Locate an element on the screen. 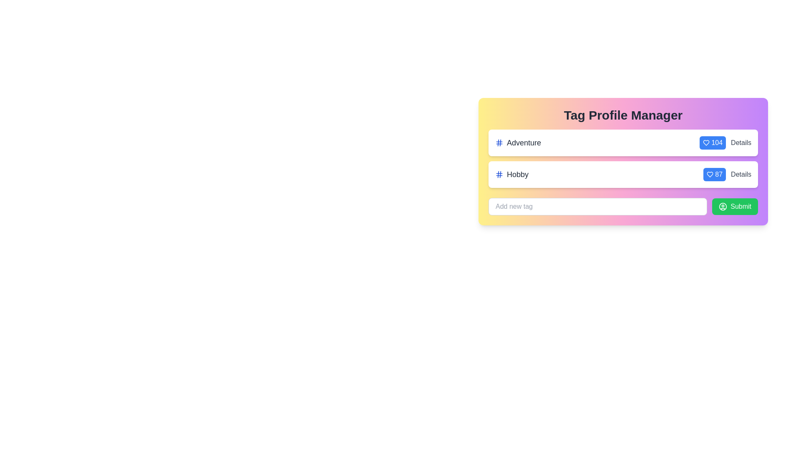  the button with a blue background, displaying '87' and a heart icon is located at coordinates (714, 174).